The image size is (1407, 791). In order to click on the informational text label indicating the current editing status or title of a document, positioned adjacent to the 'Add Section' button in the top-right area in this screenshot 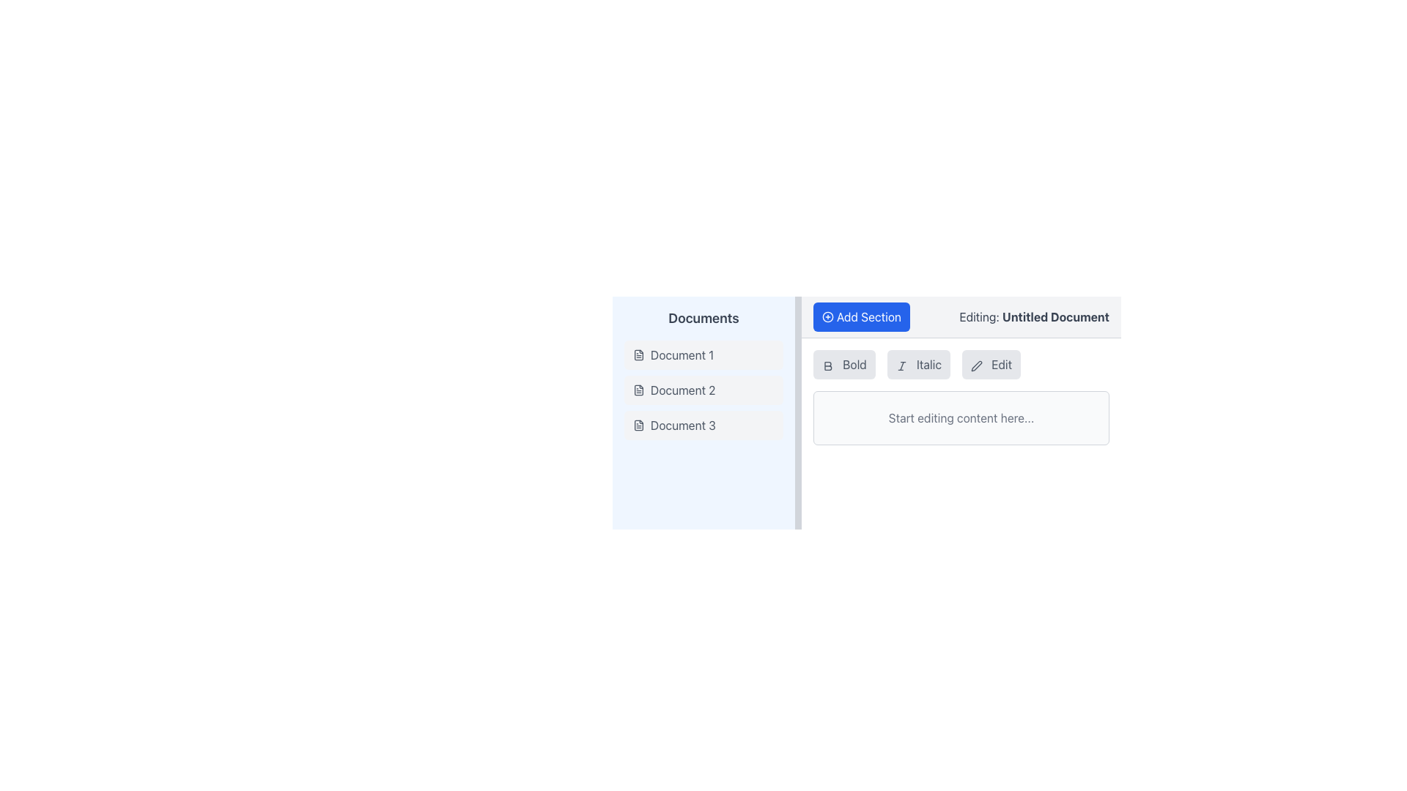, I will do `click(1033, 316)`.